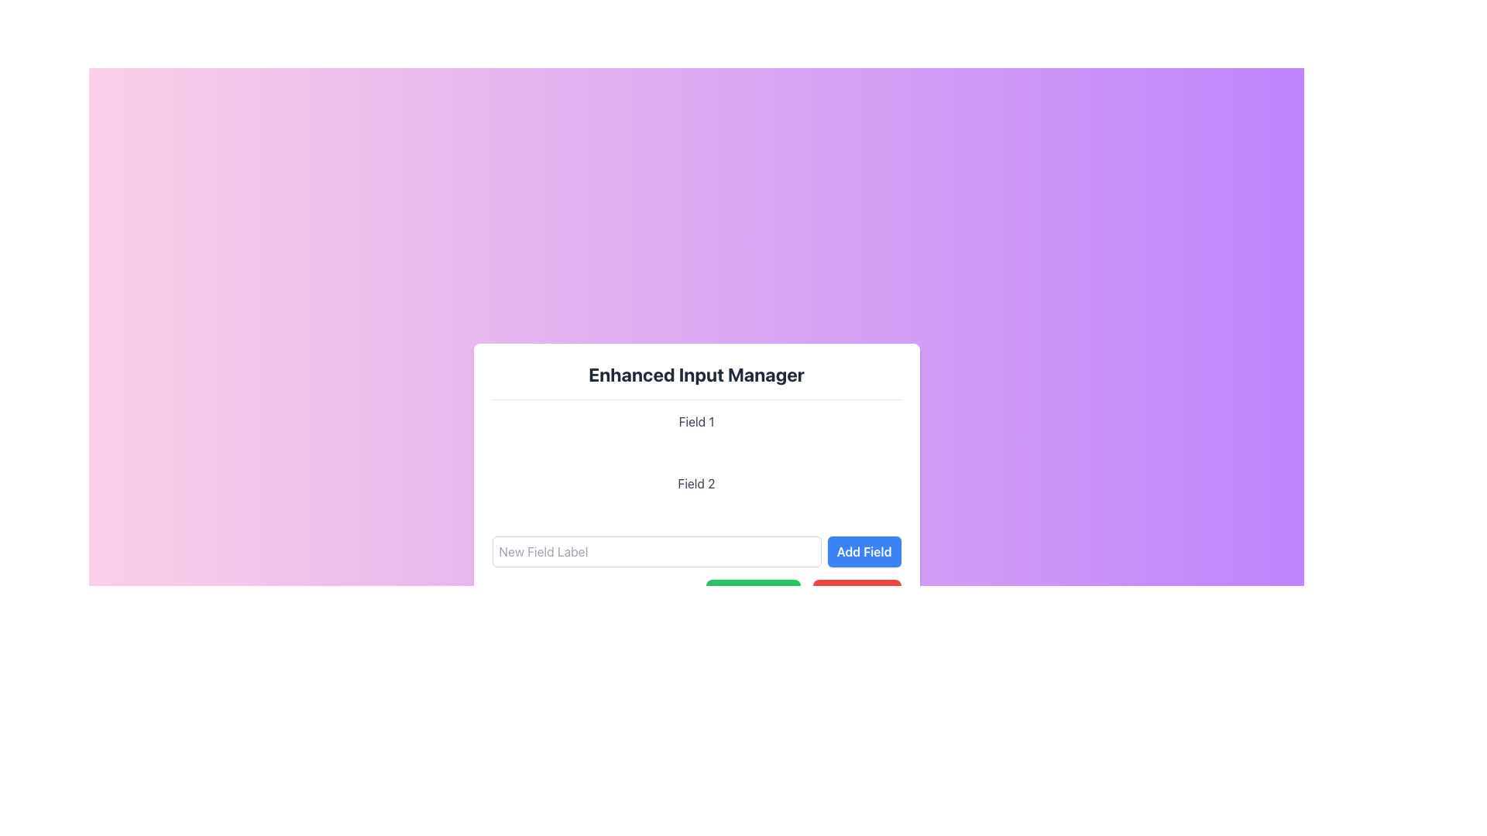 The image size is (1487, 836). Describe the element at coordinates (695, 482) in the screenshot. I see `the label that identifies the input field directly below it, which is centered above the 'Field 1' input field` at that location.